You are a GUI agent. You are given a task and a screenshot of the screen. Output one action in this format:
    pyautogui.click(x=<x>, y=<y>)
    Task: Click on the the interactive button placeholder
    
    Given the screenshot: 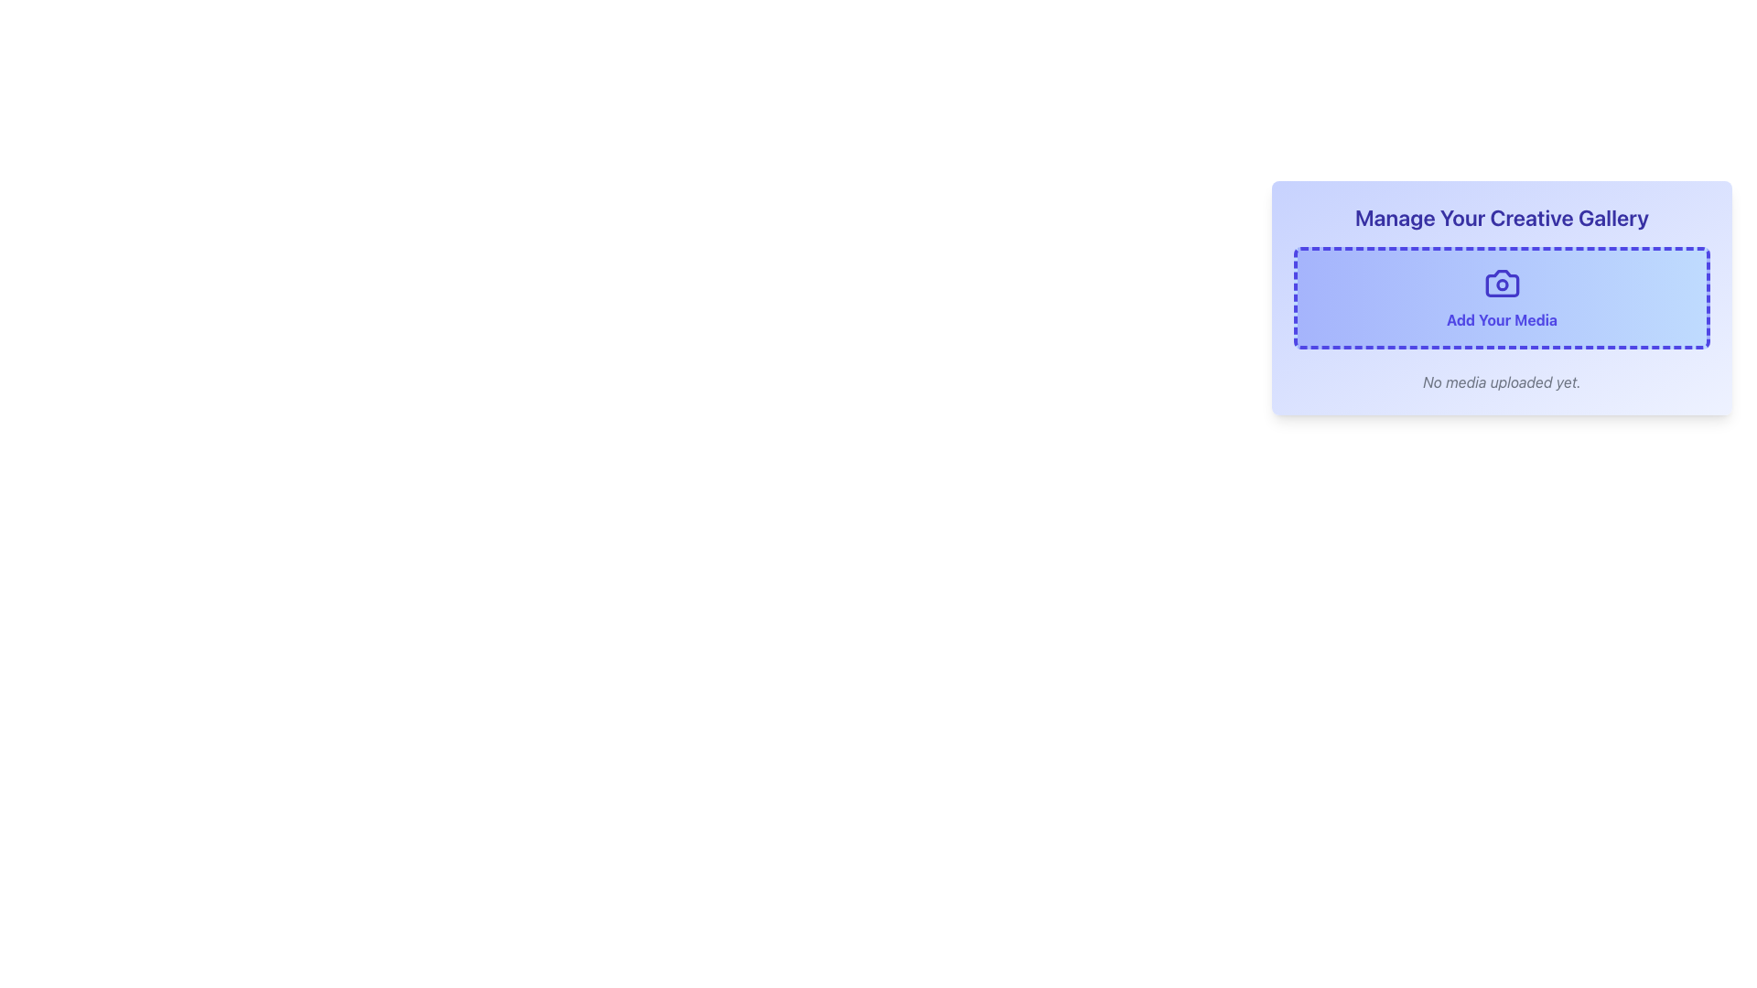 What is the action you would take?
    pyautogui.click(x=1502, y=297)
    